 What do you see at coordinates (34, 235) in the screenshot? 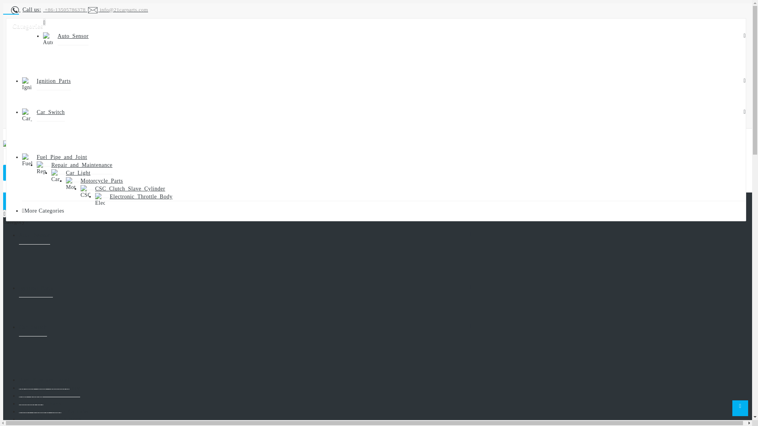
I see `'Auto_Sensor'` at bounding box center [34, 235].